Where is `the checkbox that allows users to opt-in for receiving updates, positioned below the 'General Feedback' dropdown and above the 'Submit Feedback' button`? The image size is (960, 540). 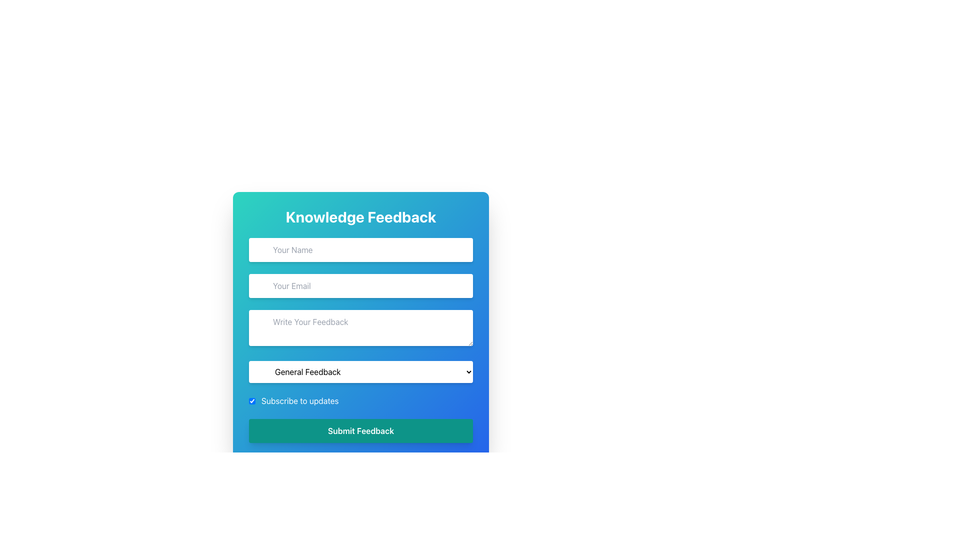 the checkbox that allows users to opt-in for receiving updates, positioned below the 'General Feedback' dropdown and above the 'Submit Feedback' button is located at coordinates (360, 400).